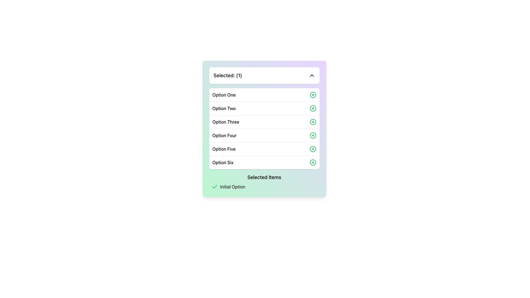 The image size is (530, 298). I want to click on the circular button next to 'Option Five', so click(313, 149).